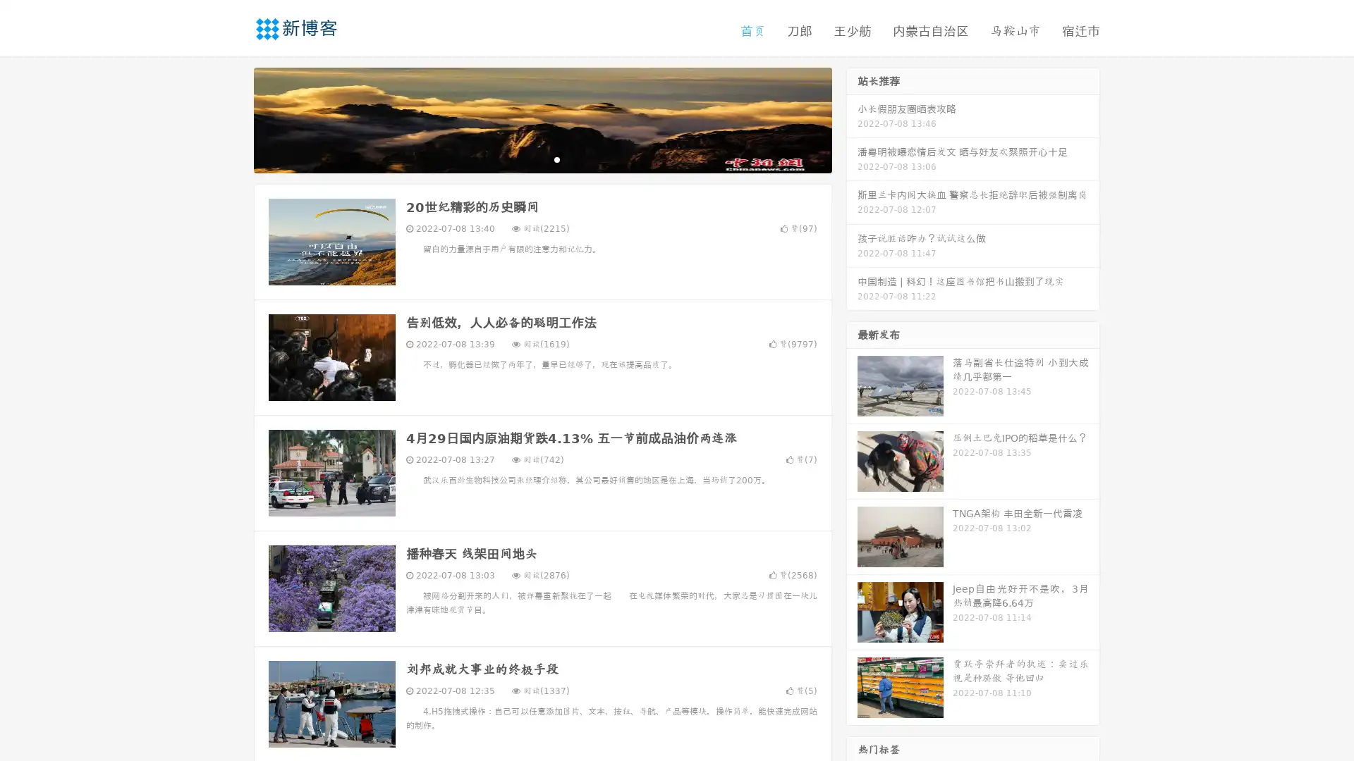 This screenshot has height=761, width=1354. I want to click on Go to slide 1, so click(527, 159).